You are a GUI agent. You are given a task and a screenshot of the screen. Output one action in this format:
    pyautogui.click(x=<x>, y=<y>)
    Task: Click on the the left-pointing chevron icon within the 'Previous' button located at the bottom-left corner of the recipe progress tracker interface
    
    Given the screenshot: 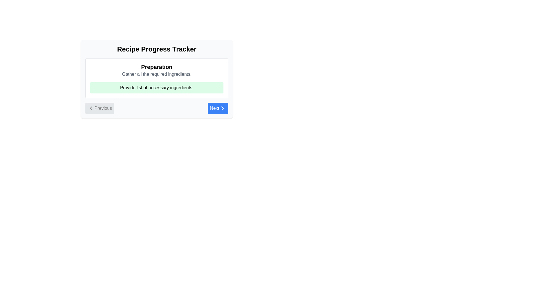 What is the action you would take?
    pyautogui.click(x=91, y=108)
    